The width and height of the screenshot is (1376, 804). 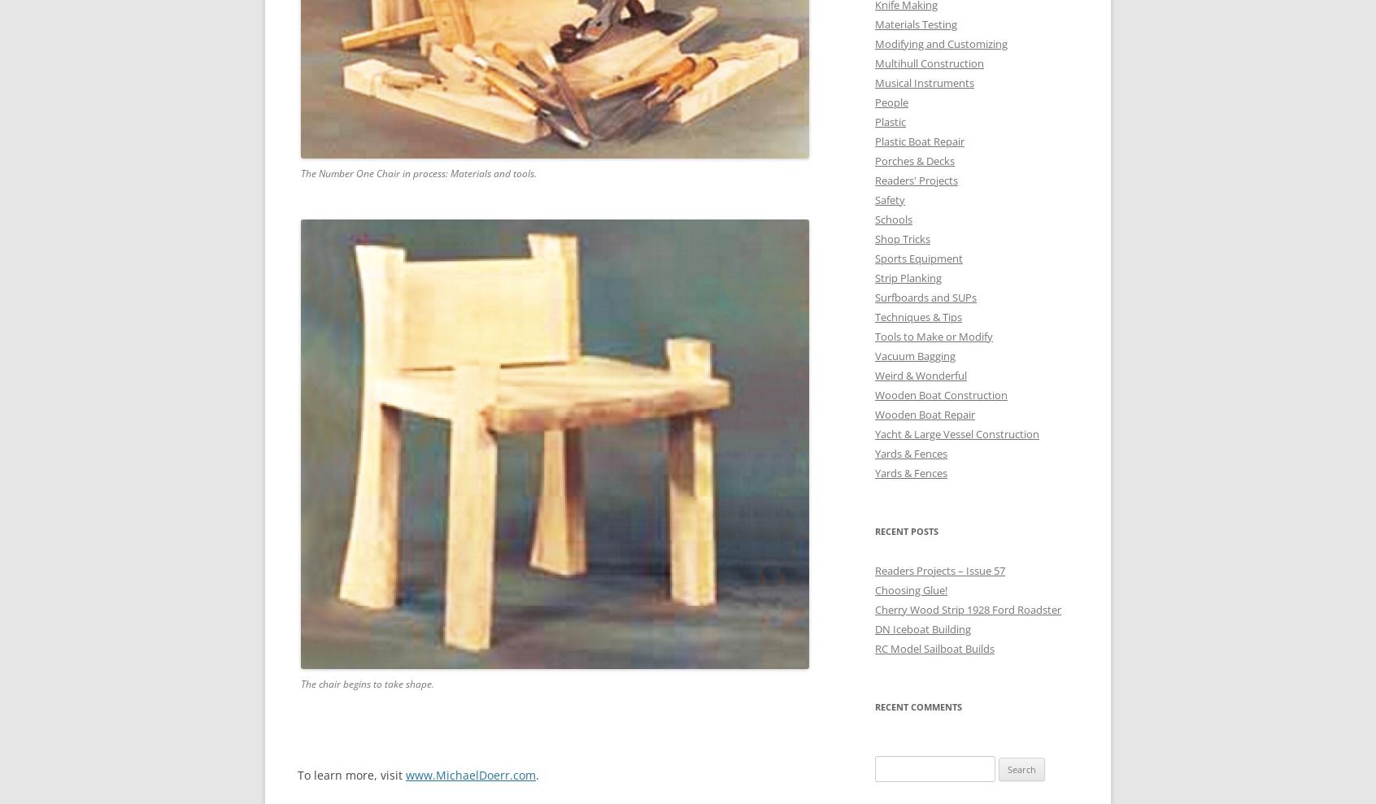 I want to click on 'Wooden Boat Repair', so click(x=924, y=414).